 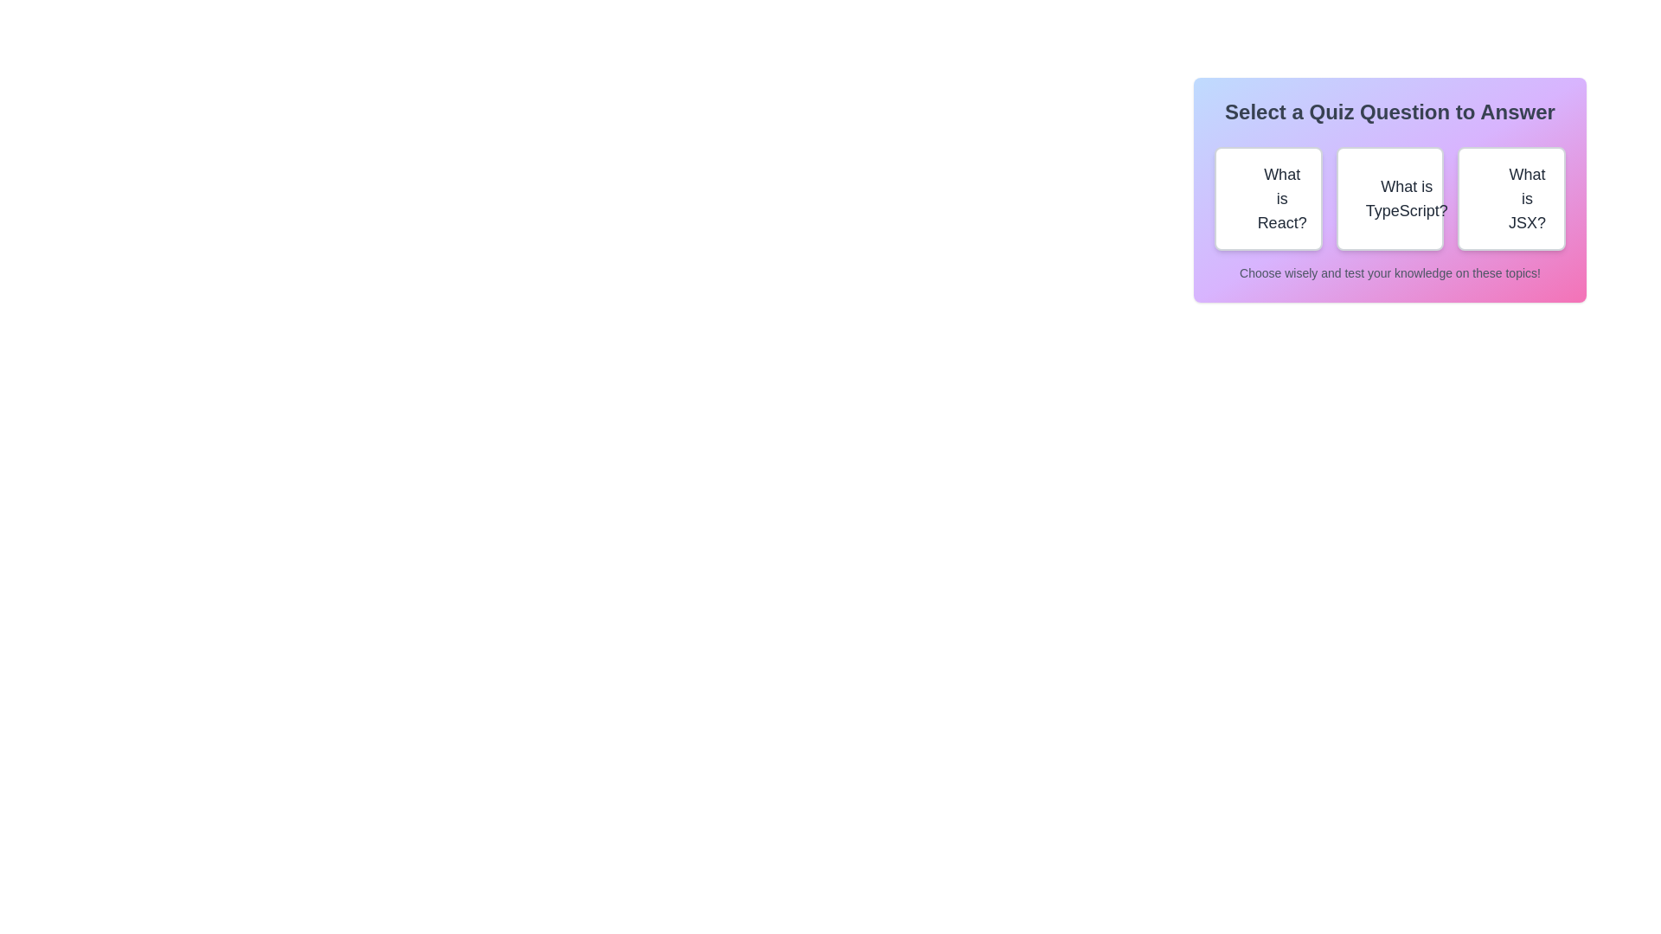 I want to click on the selectable quiz question option labeled 'What is TypeScript?' which is the second element in a 3-item grid layout, so click(x=1390, y=198).